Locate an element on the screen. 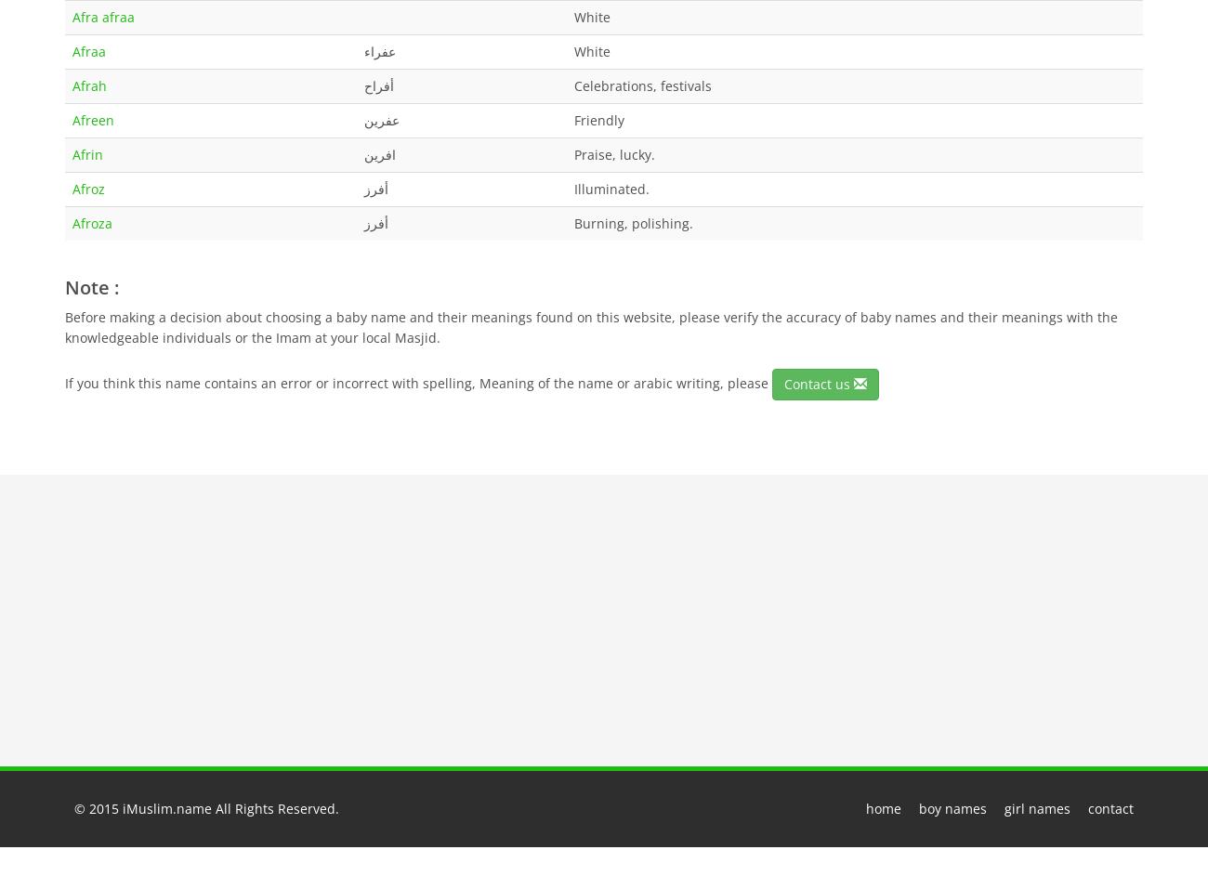  'Afrah' is located at coordinates (72, 84).